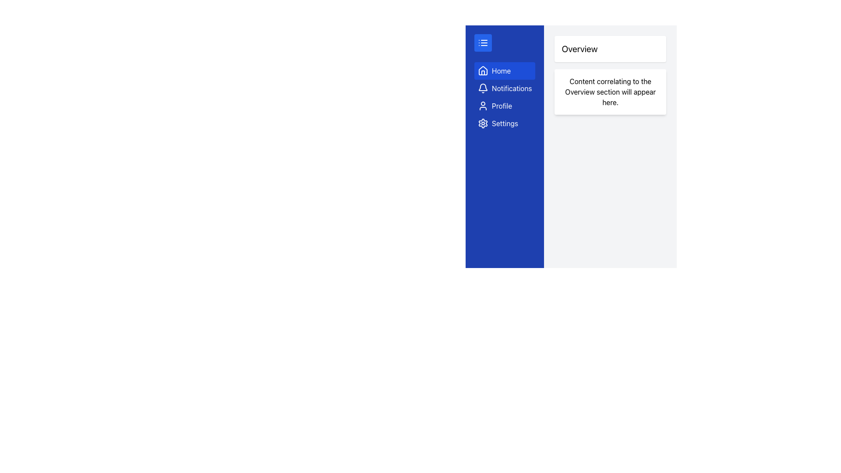 Image resolution: width=841 pixels, height=473 pixels. What do you see at coordinates (483, 123) in the screenshot?
I see `the 'Settings' icon located in the sidebar, which is the fourth icon from the top` at bounding box center [483, 123].